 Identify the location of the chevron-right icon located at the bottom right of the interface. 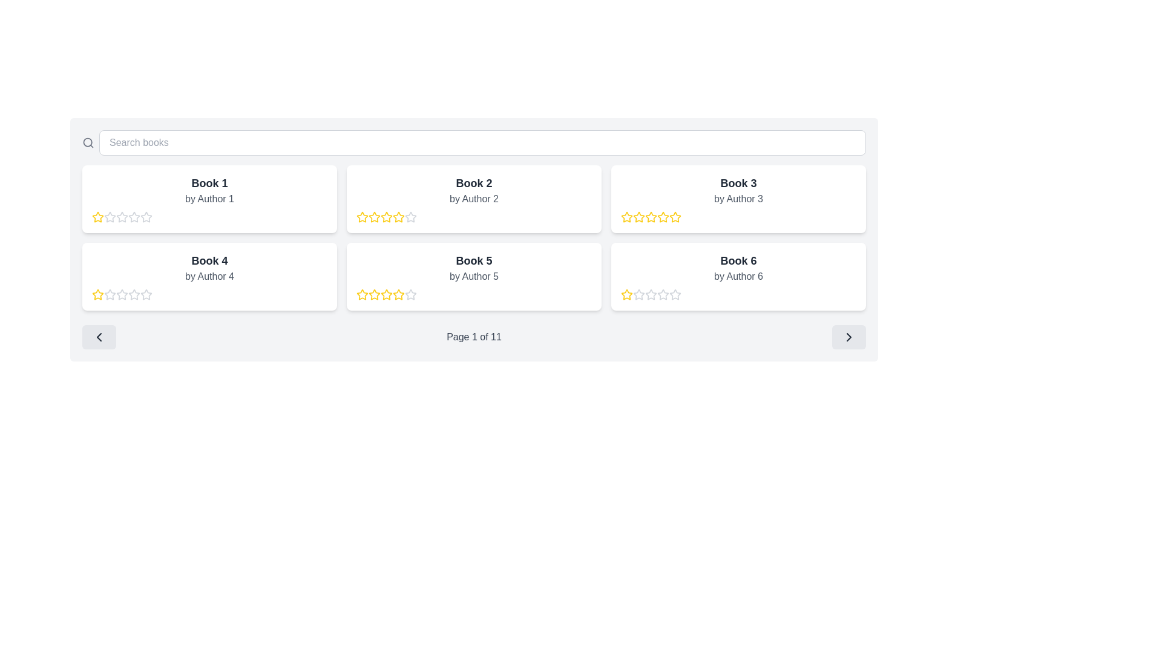
(848, 337).